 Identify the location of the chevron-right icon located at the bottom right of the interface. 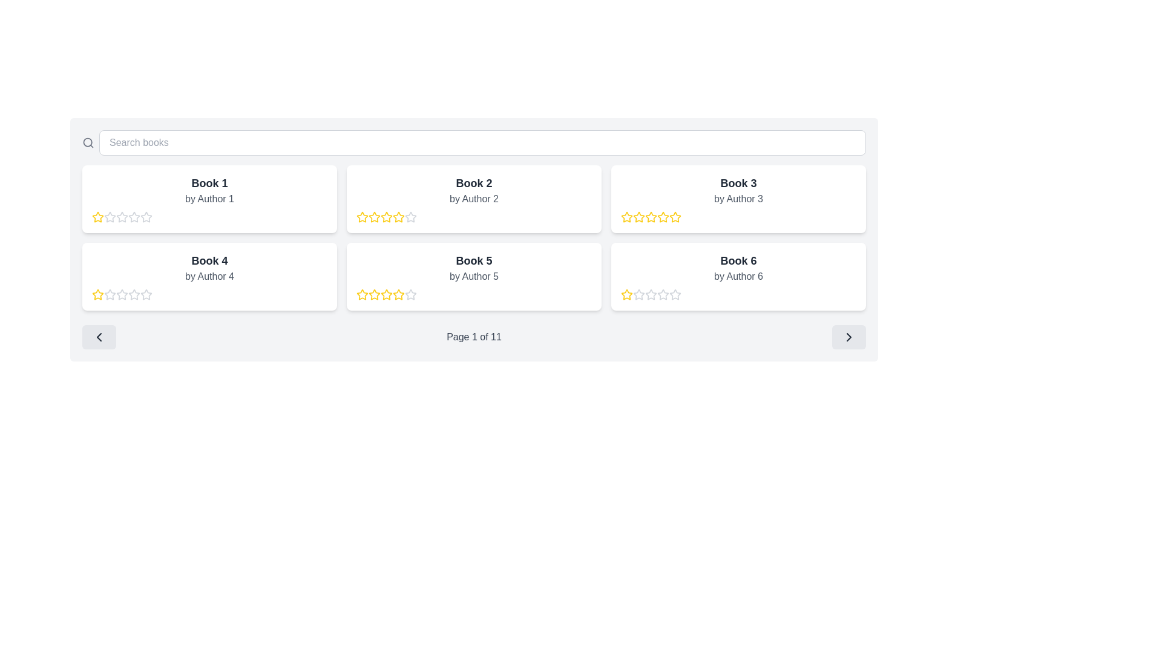
(848, 337).